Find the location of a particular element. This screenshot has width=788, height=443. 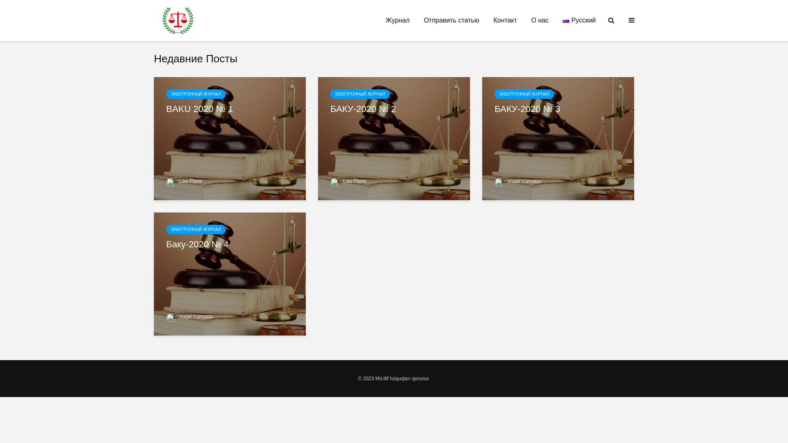

'Vuqar Camalov' is located at coordinates (189, 316).